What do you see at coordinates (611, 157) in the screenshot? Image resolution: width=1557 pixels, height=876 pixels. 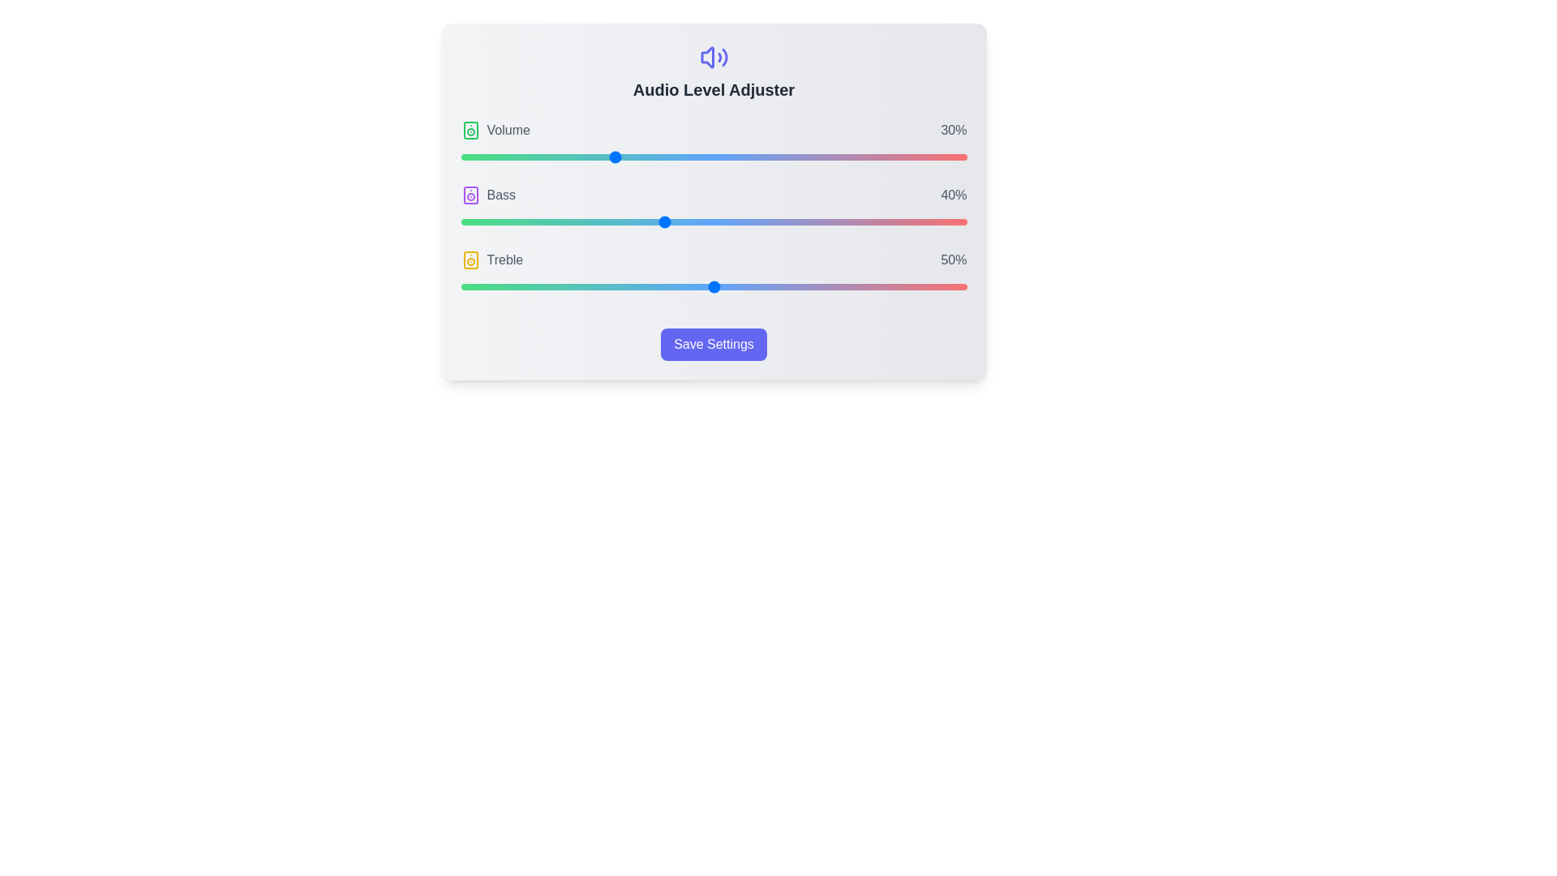 I see `the Volume slider to 30%` at bounding box center [611, 157].